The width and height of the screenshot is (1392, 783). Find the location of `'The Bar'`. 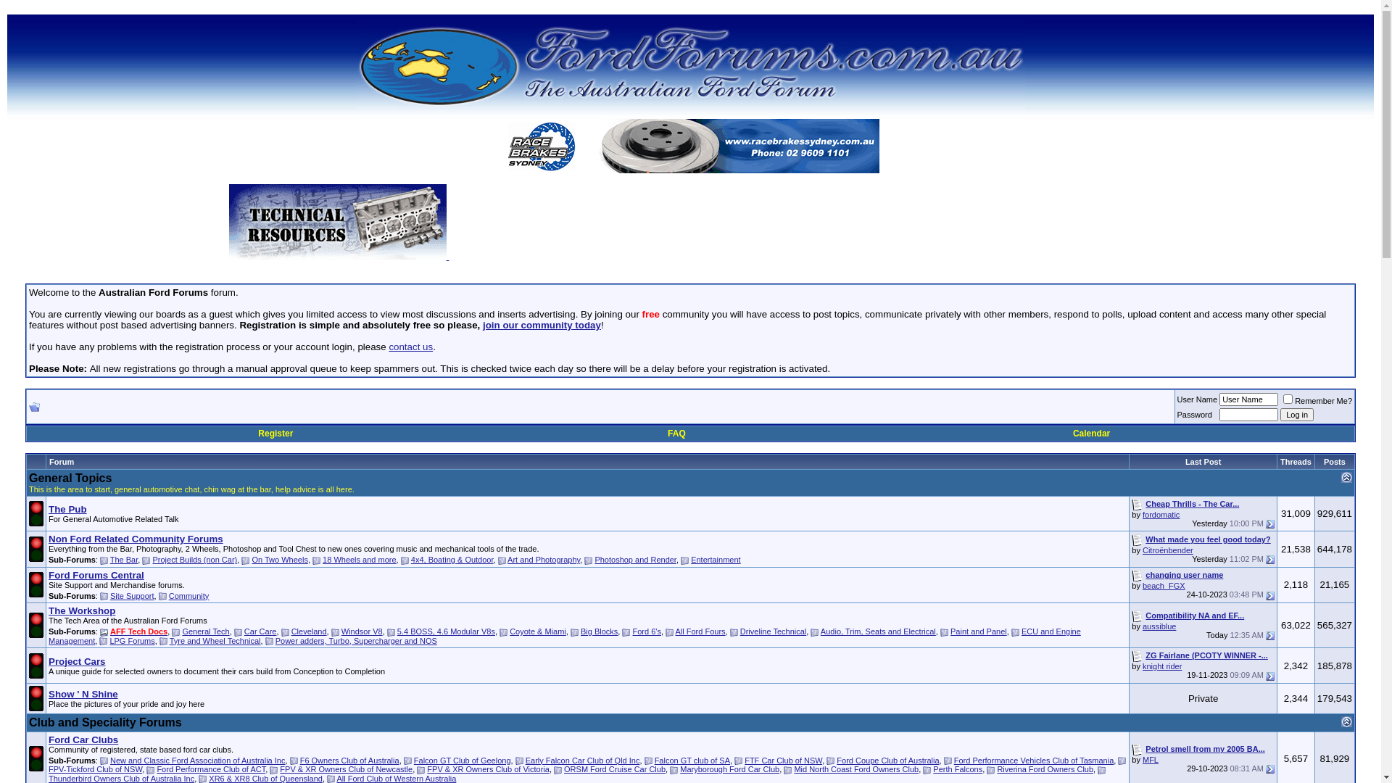

'The Bar' is located at coordinates (109, 558).